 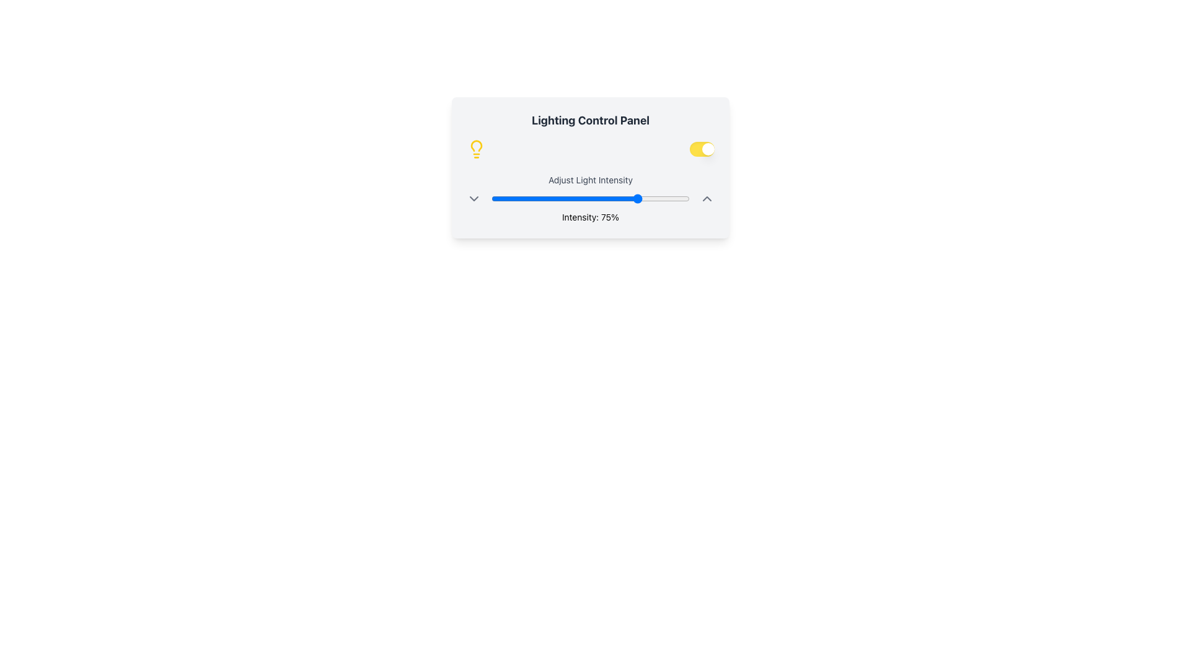 I want to click on light intensity, so click(x=667, y=198).